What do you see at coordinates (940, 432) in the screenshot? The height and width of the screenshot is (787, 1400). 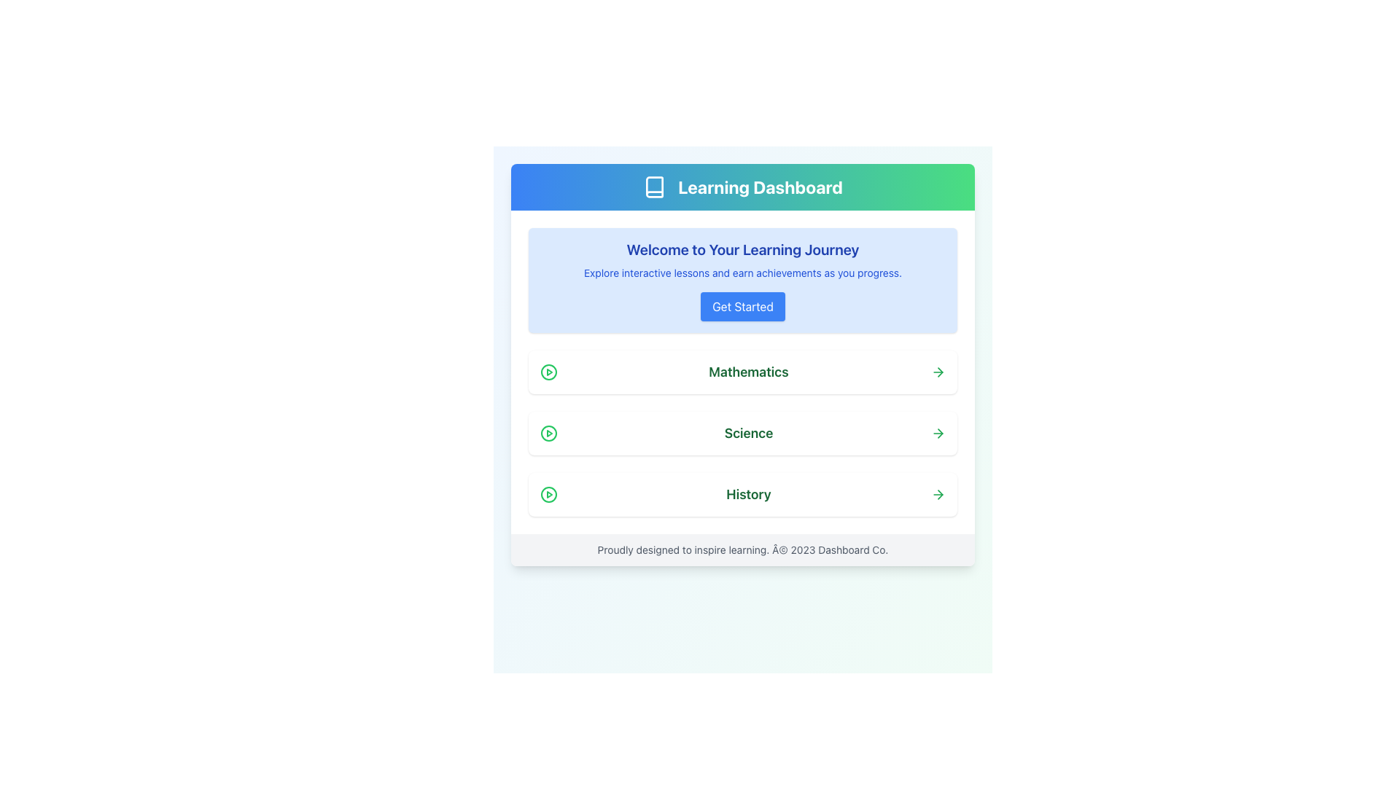 I see `the green right-pointing arrow icon located to the right of the 'Science' topic in the content section of the dashboard` at bounding box center [940, 432].